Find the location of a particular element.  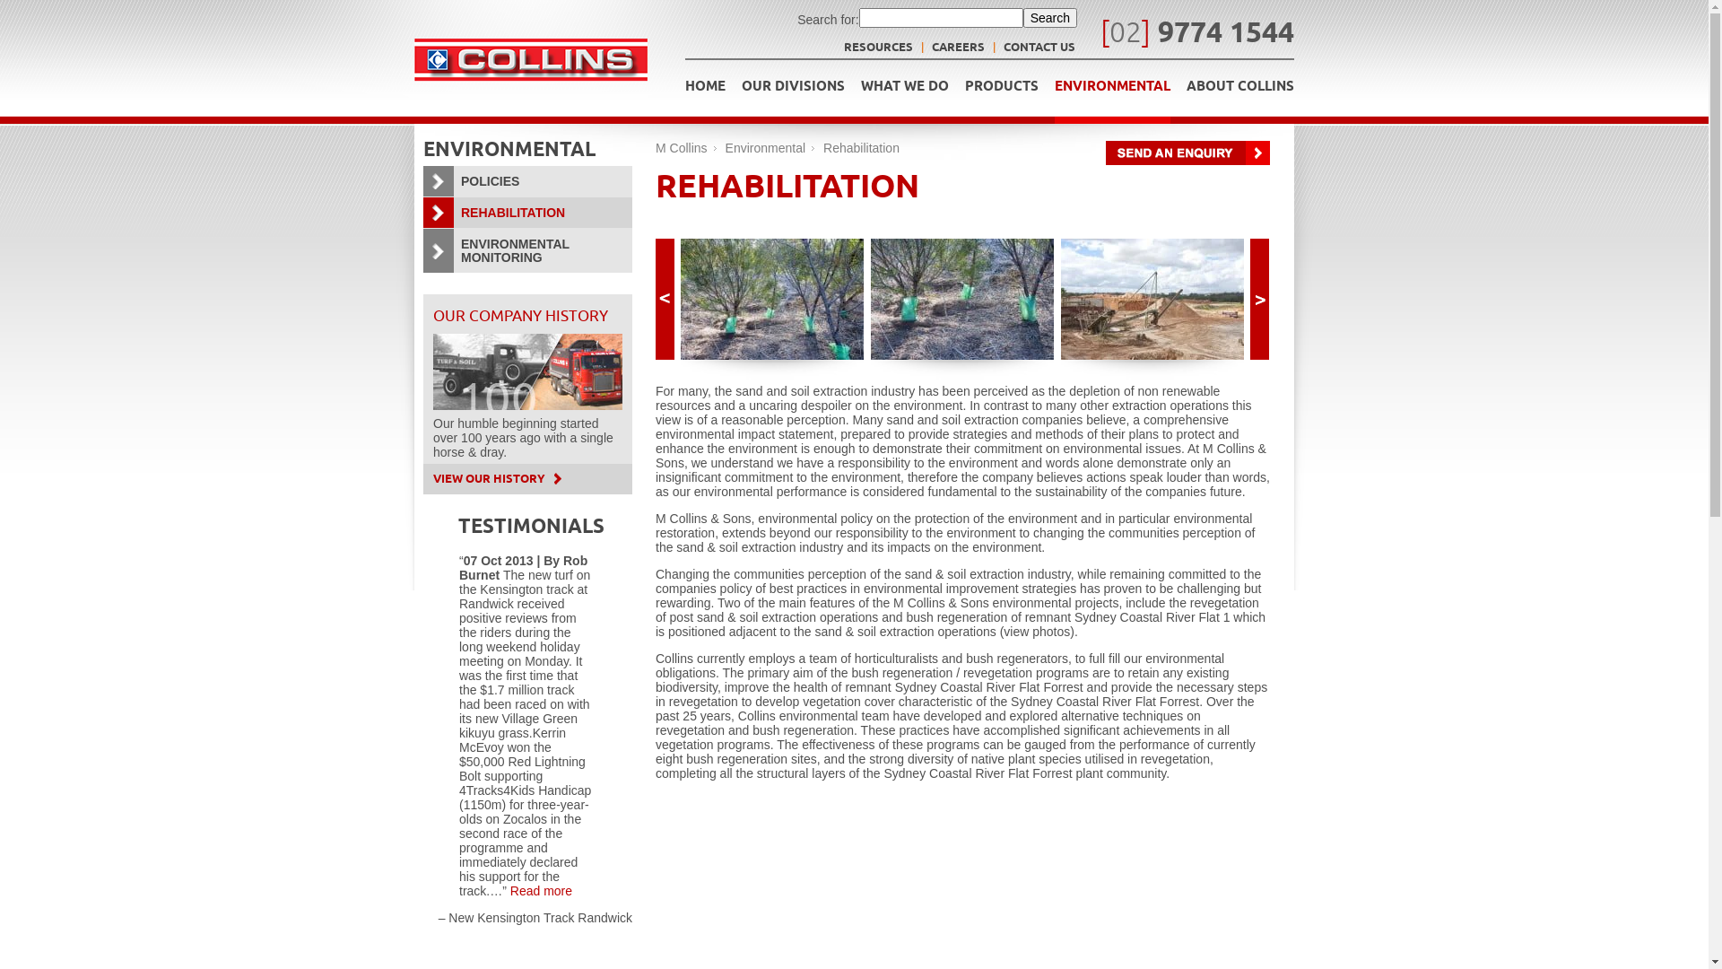

'previous' is located at coordinates (664, 298).